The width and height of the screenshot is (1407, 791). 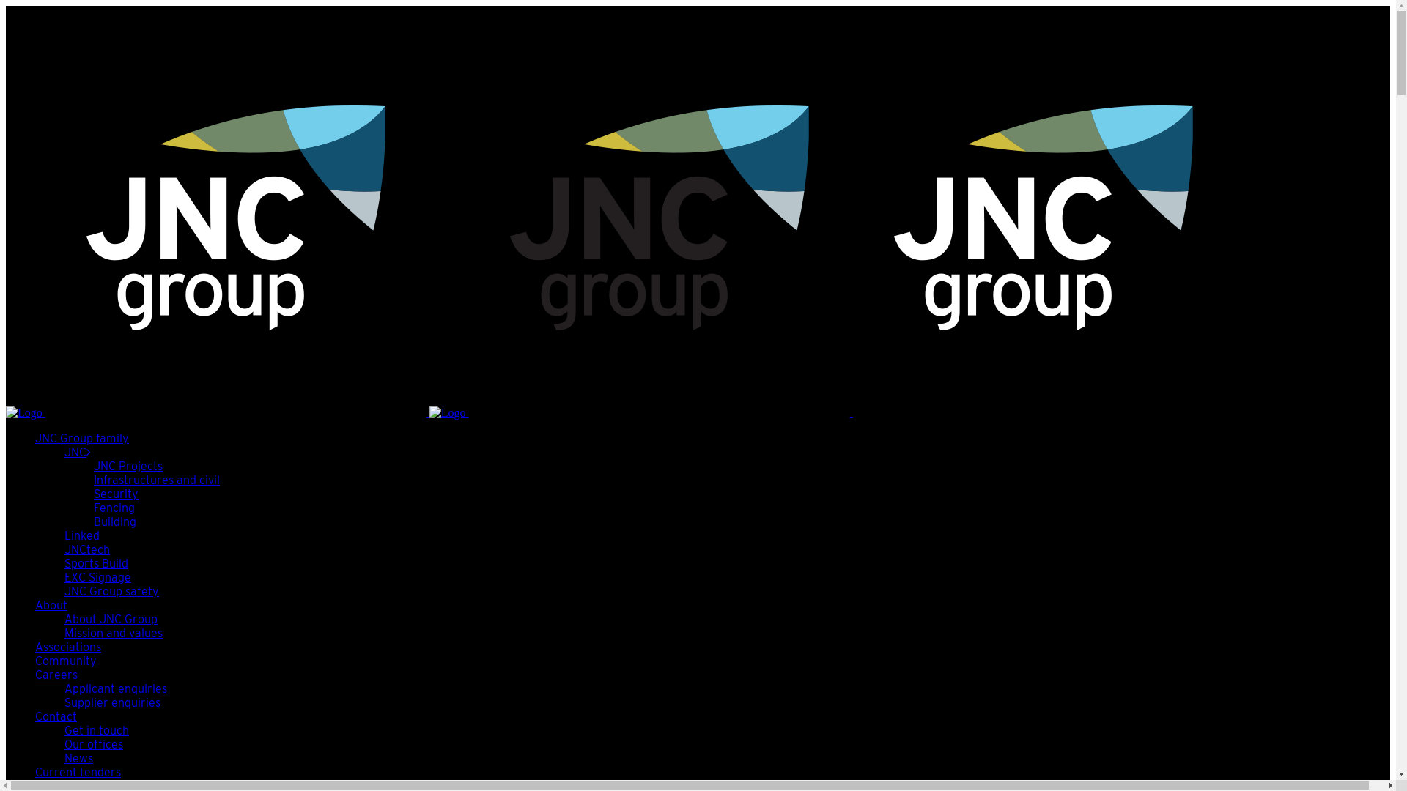 What do you see at coordinates (115, 688) in the screenshot?
I see `'Applicant enquiries'` at bounding box center [115, 688].